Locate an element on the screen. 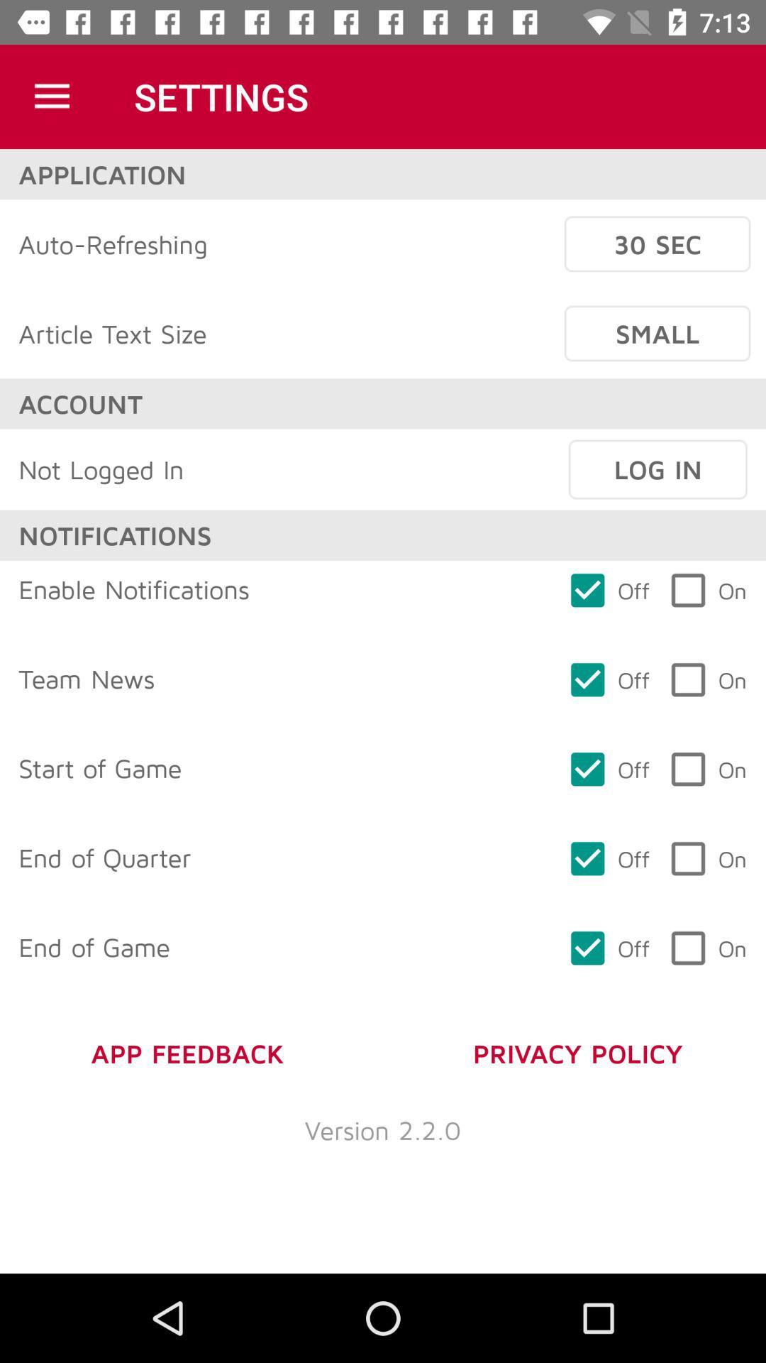 The image size is (766, 1363). icon to the right of not logged in item is located at coordinates (657, 469).